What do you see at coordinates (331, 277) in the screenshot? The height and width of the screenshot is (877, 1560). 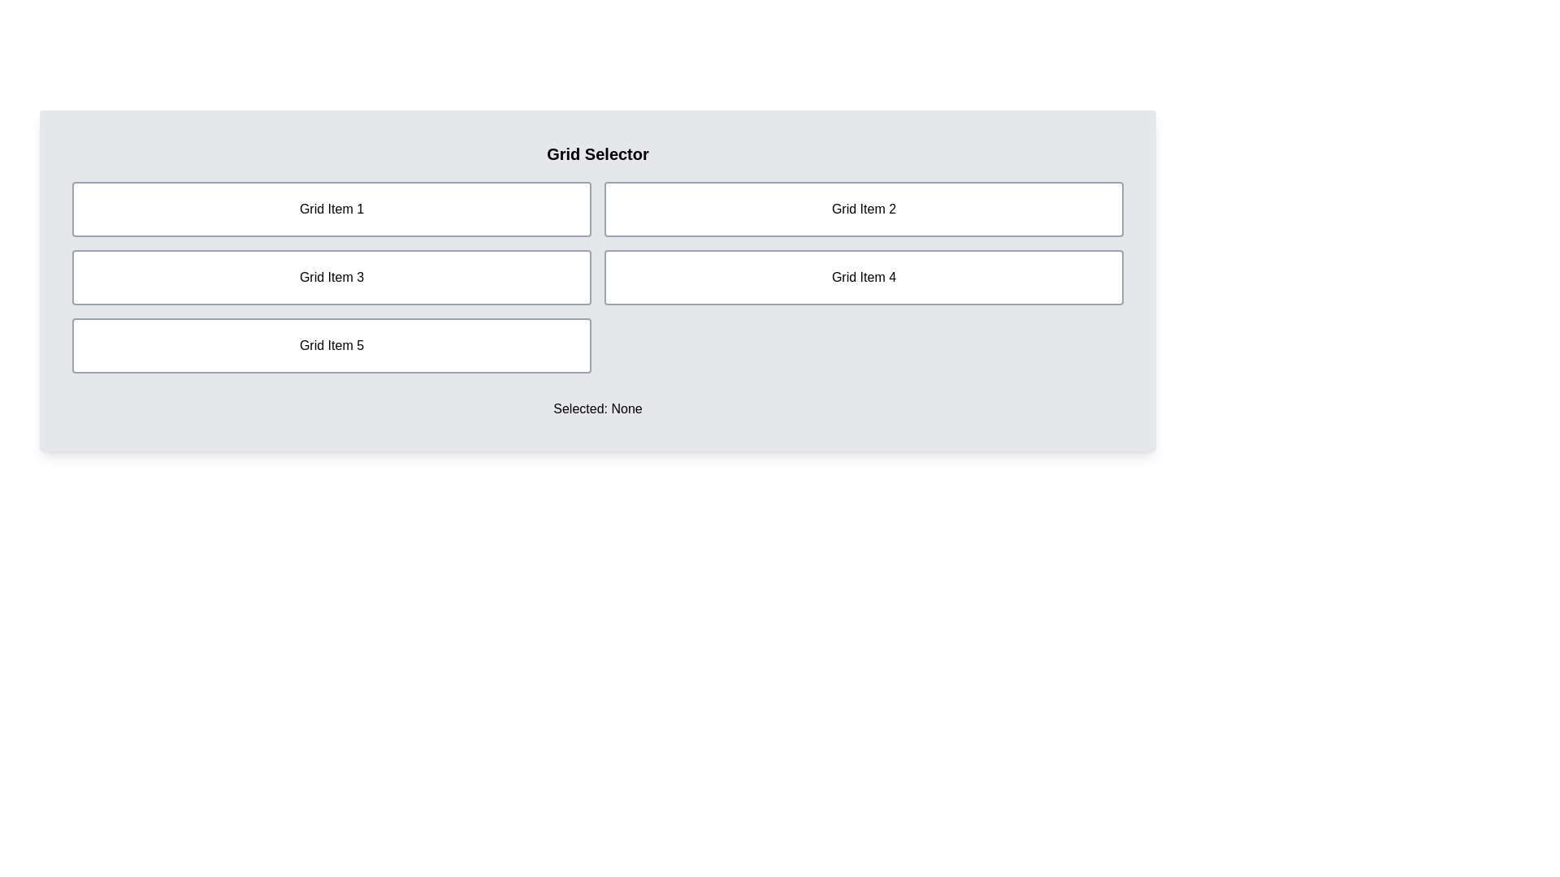 I see `the labeled grid item in the middle box of the second row in the 'Grid Selector'` at bounding box center [331, 277].